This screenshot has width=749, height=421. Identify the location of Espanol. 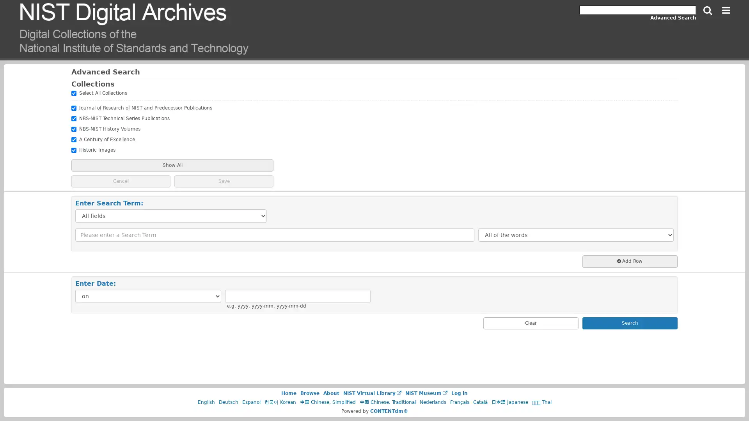
(251, 402).